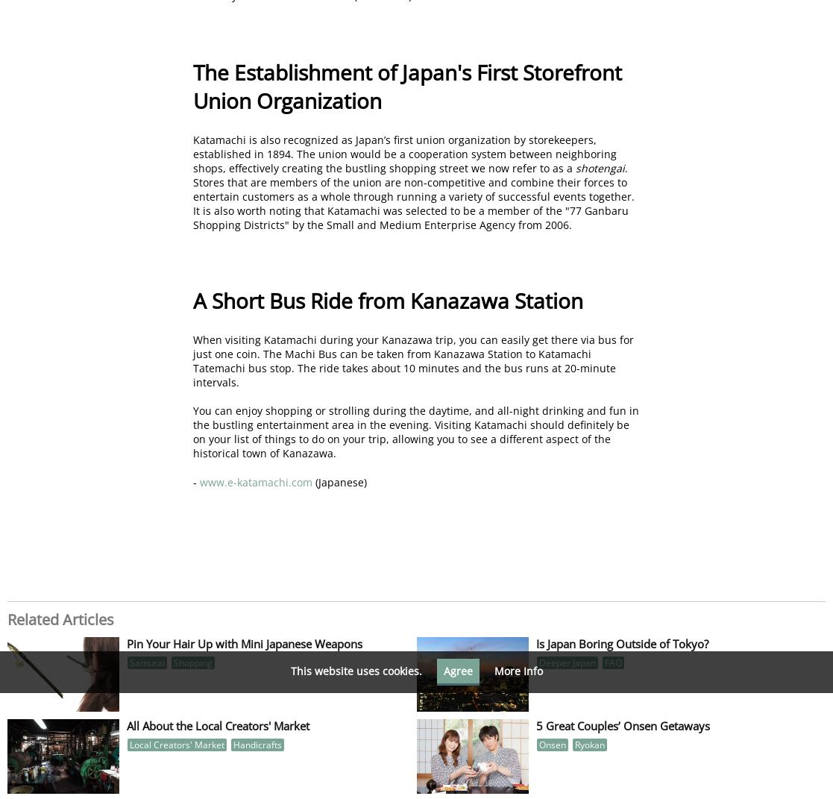  I want to click on 'shotengai', so click(600, 166).